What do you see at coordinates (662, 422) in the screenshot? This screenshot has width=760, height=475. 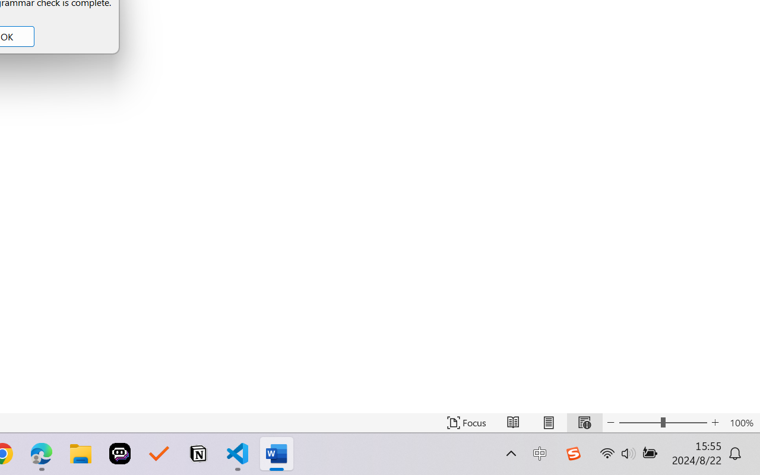 I see `'Zoom'` at bounding box center [662, 422].